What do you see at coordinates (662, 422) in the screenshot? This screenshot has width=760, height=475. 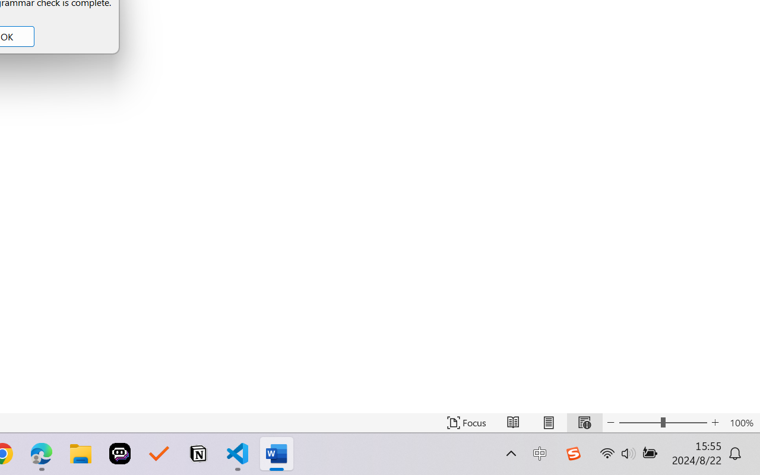 I see `'Zoom'` at bounding box center [662, 422].